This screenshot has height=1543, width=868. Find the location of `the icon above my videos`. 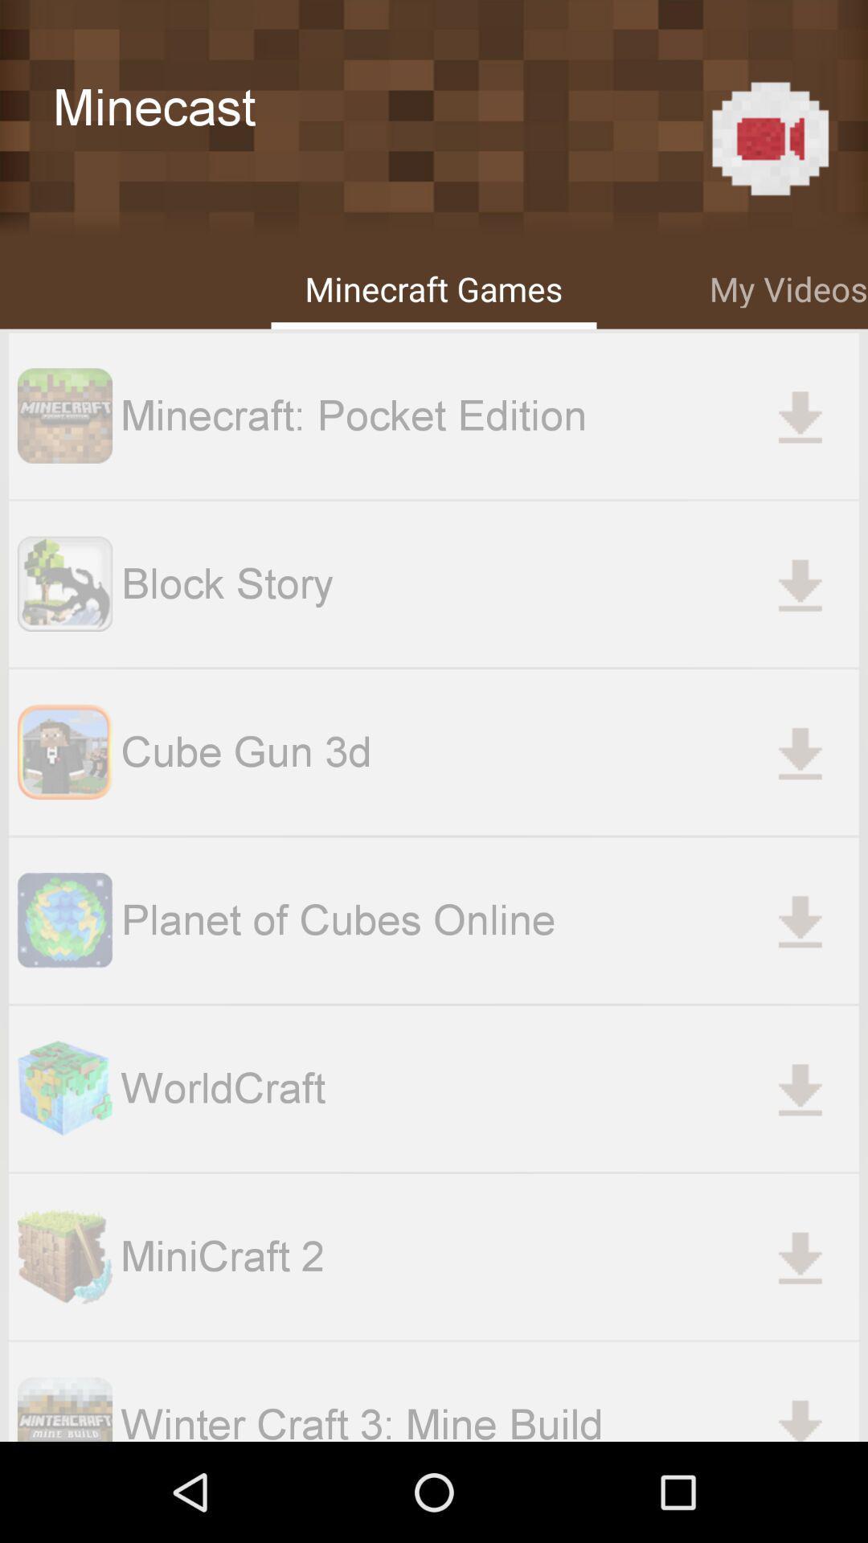

the icon above my videos is located at coordinates (768, 138).